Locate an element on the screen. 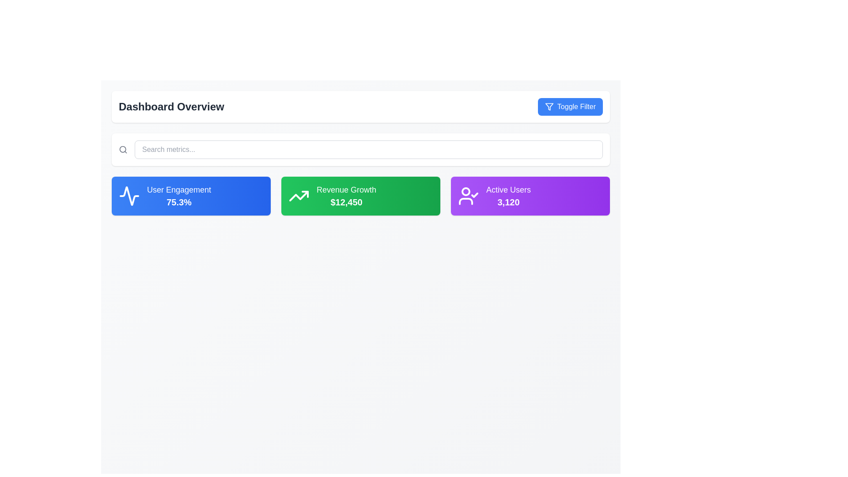  the triangular graphic element that represents growth, located in the top-right section of the 'Revenue Growth' green tile is located at coordinates (305, 193).